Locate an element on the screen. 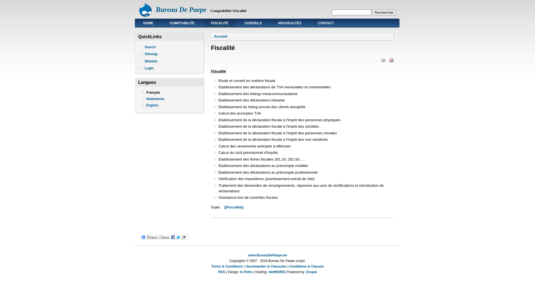 This screenshot has width=535, height=301. 'Bureau De Paepe' is located at coordinates (155, 9).